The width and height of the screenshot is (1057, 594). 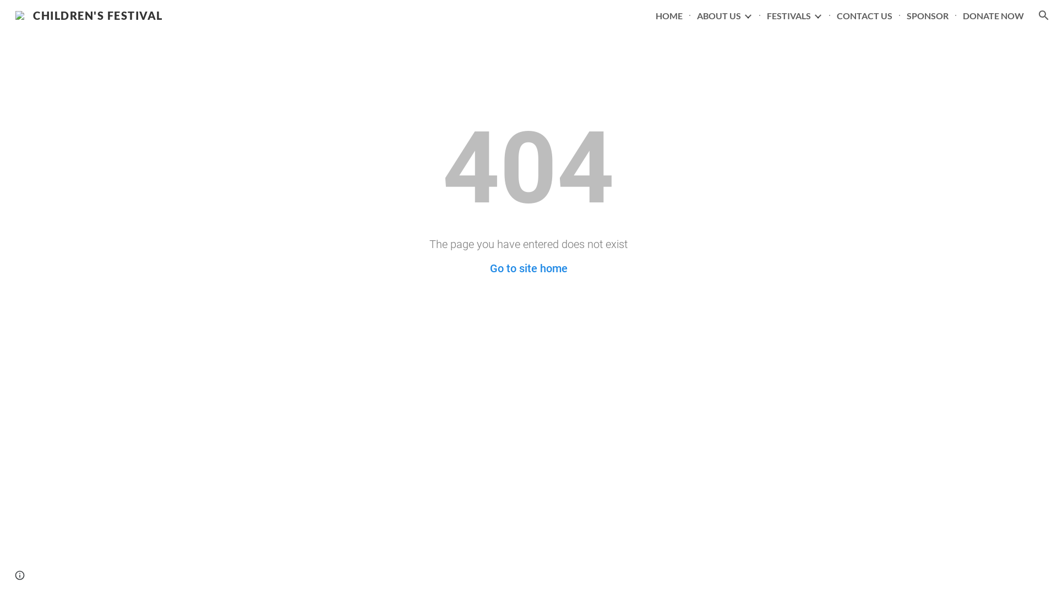 What do you see at coordinates (668, 15) in the screenshot?
I see `'HOME'` at bounding box center [668, 15].